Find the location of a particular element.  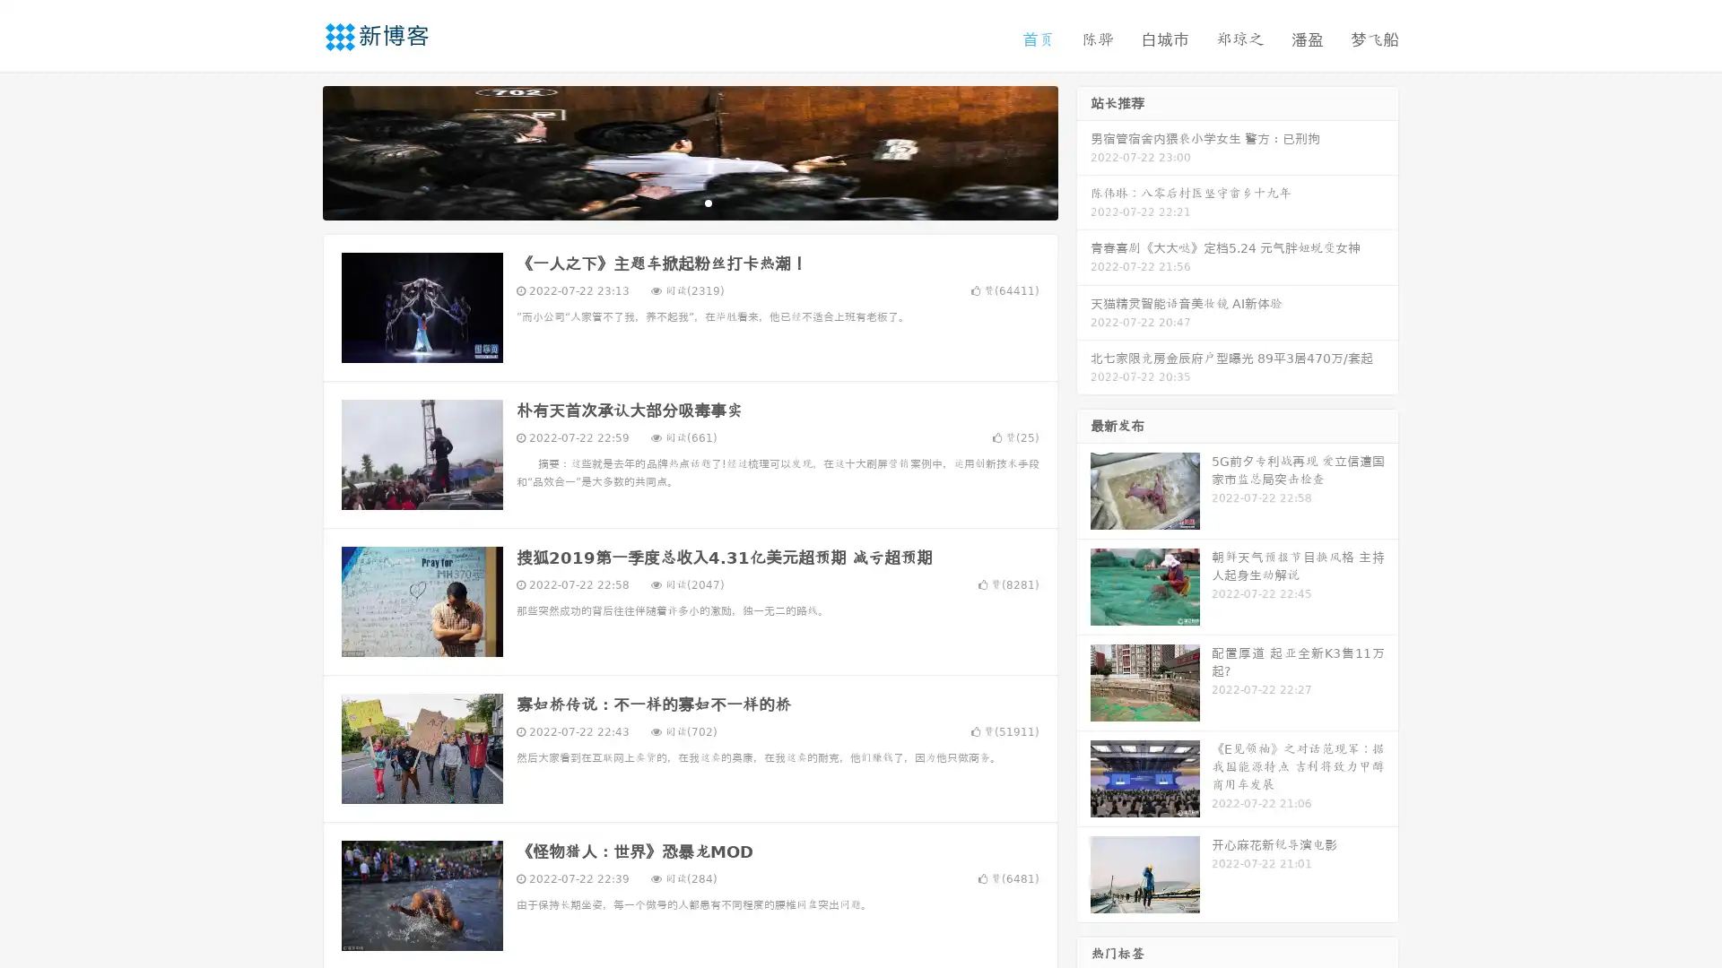

Next slide is located at coordinates (1083, 151).